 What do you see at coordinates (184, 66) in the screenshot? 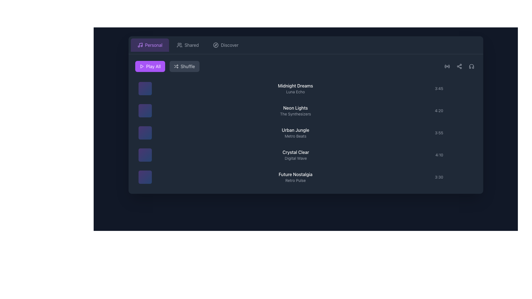
I see `the 'Shuffle' button, which is a rectangular button with a dark gray background and labeled 'Shuffle' with an icon of arrows crossing each other` at bounding box center [184, 66].